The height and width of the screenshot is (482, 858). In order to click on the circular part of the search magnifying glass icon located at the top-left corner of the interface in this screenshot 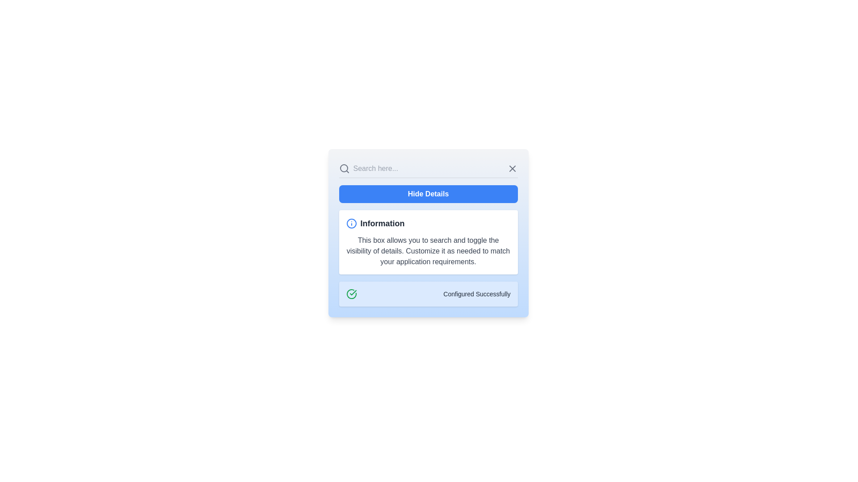, I will do `click(343, 168)`.